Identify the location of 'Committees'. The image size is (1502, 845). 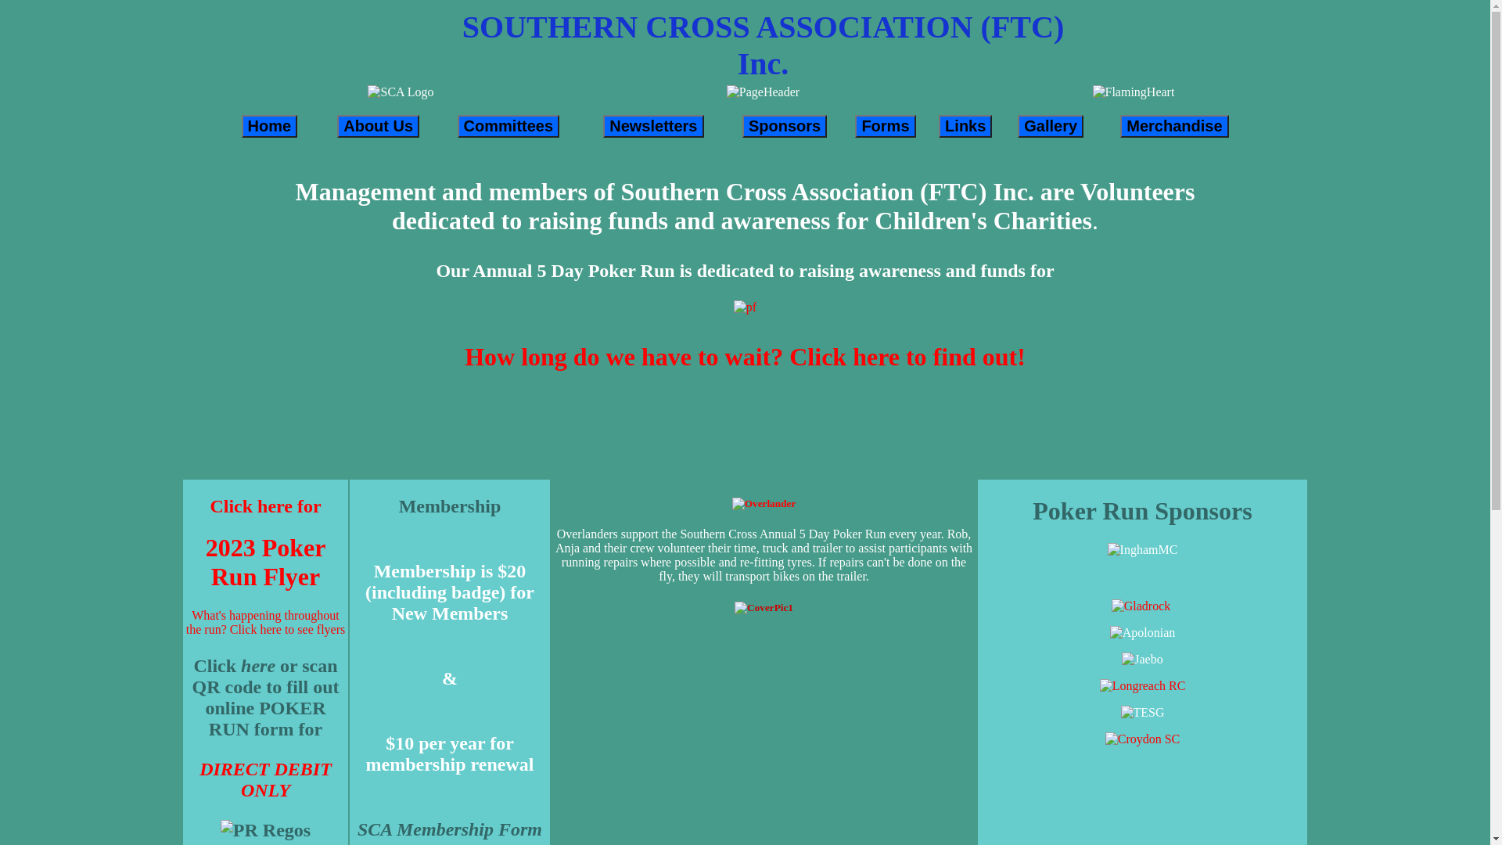
(508, 124).